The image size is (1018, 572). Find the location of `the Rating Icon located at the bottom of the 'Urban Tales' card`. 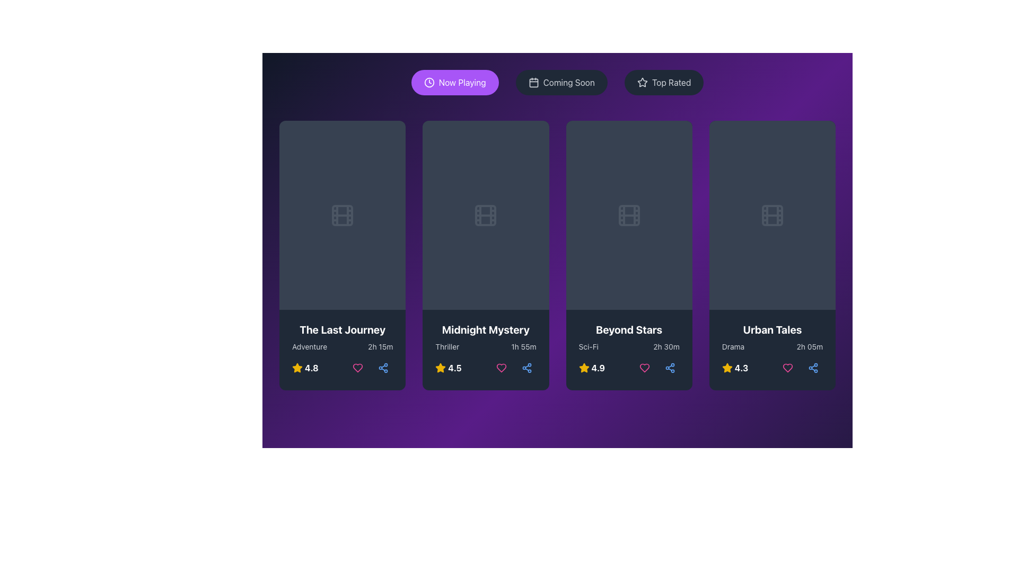

the Rating Icon located at the bottom of the 'Urban Tales' card is located at coordinates (726, 368).